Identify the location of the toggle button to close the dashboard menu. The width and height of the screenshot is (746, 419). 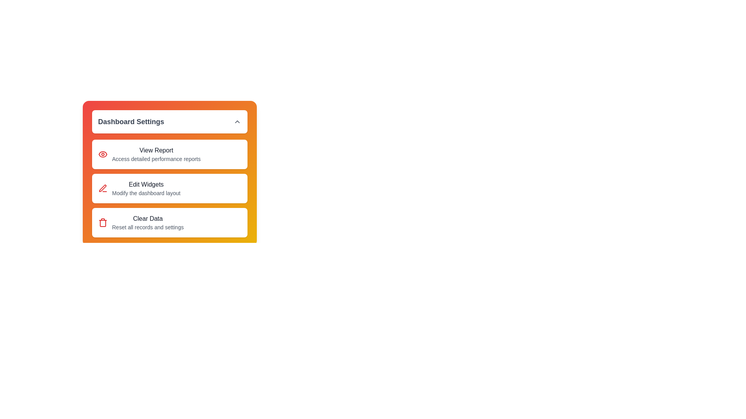
(169, 121).